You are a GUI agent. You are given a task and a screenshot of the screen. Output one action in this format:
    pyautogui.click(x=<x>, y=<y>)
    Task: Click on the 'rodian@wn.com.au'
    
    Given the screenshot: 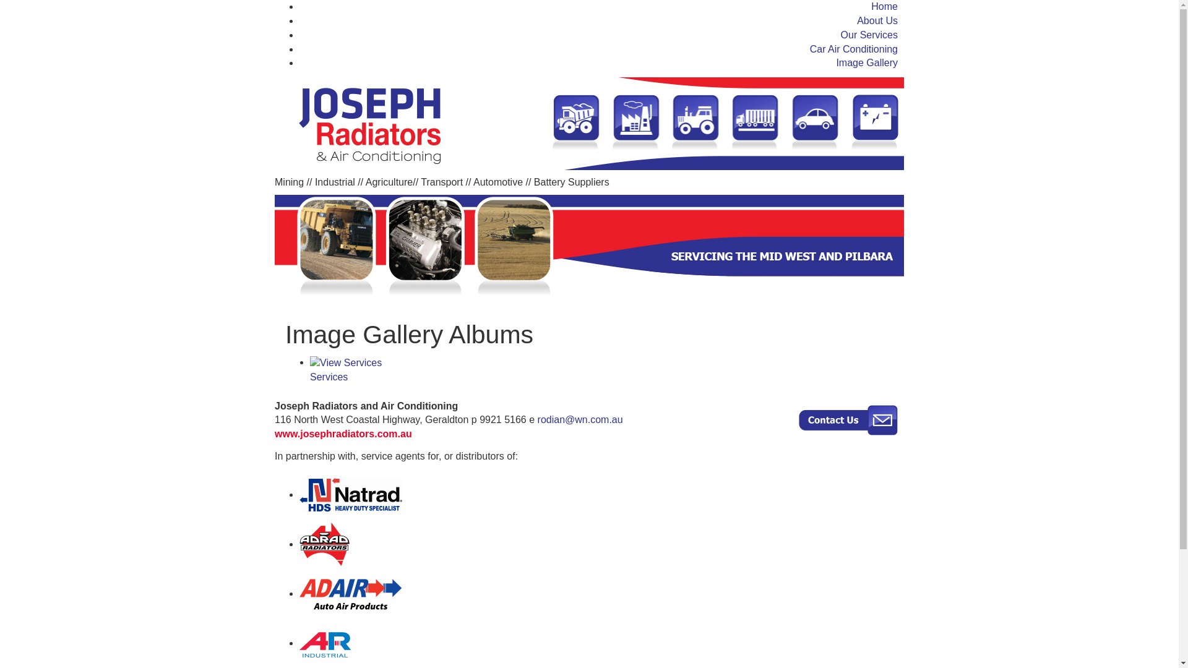 What is the action you would take?
    pyautogui.click(x=579, y=419)
    